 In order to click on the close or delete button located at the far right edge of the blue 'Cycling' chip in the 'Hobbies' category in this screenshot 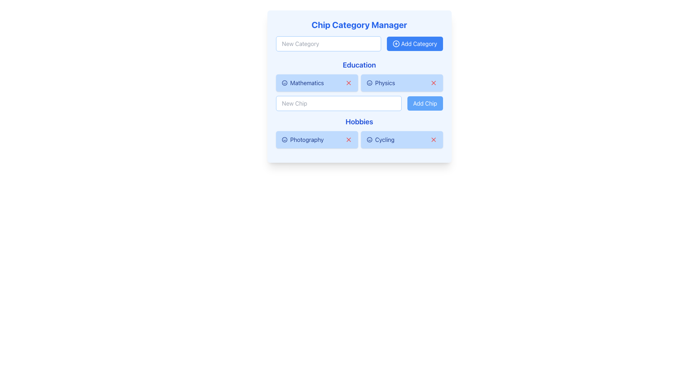, I will do `click(433, 140)`.